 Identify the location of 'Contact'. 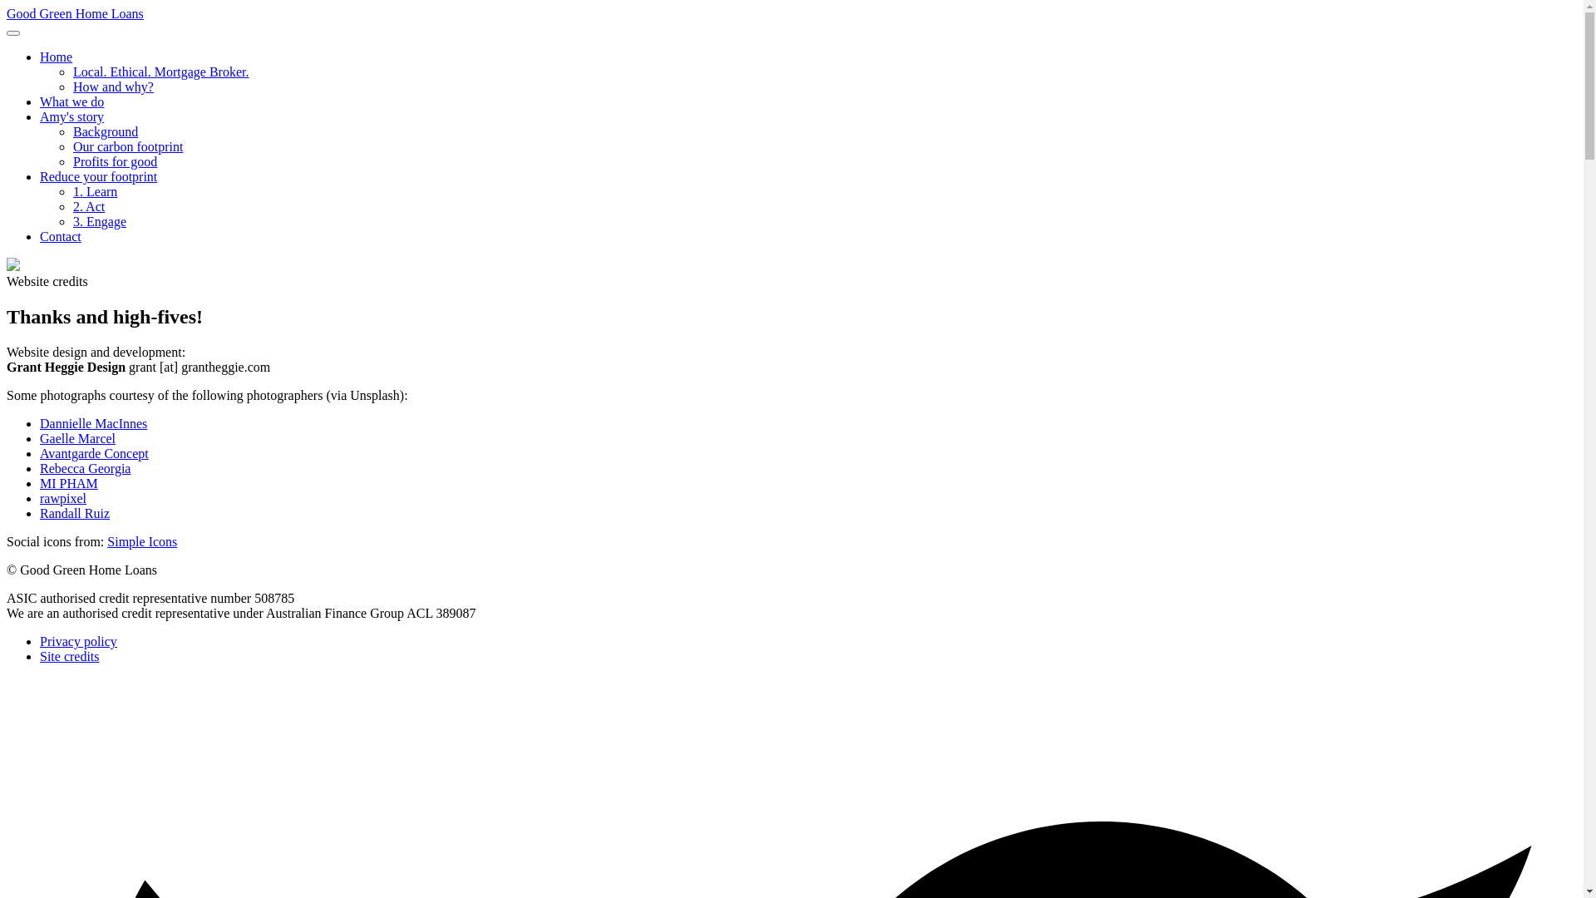
(60, 236).